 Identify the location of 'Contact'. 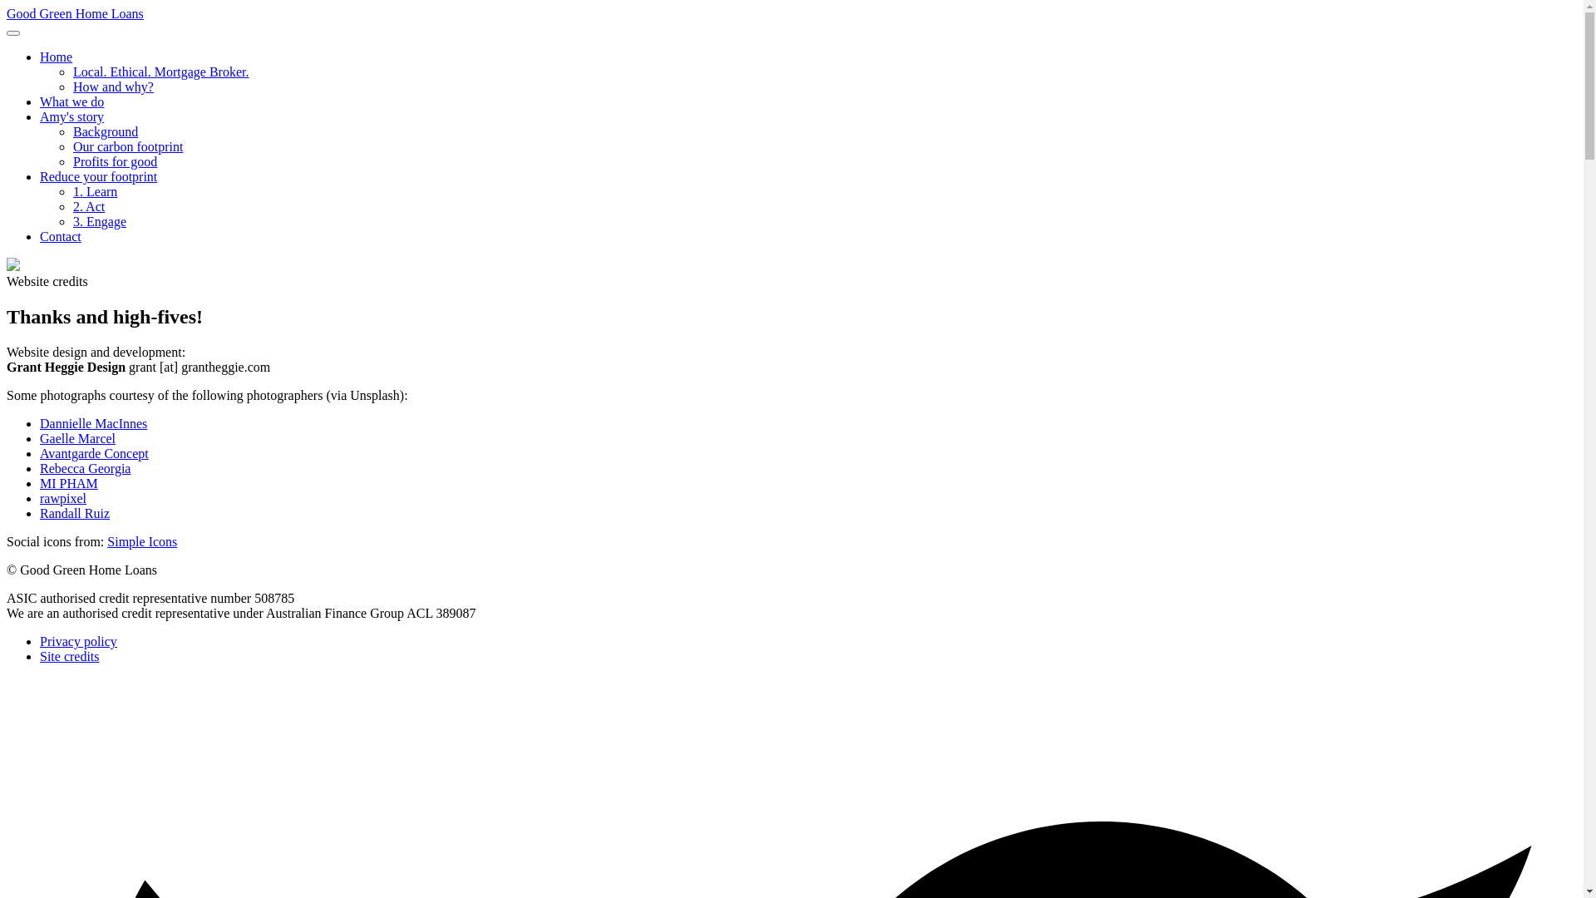
(60, 236).